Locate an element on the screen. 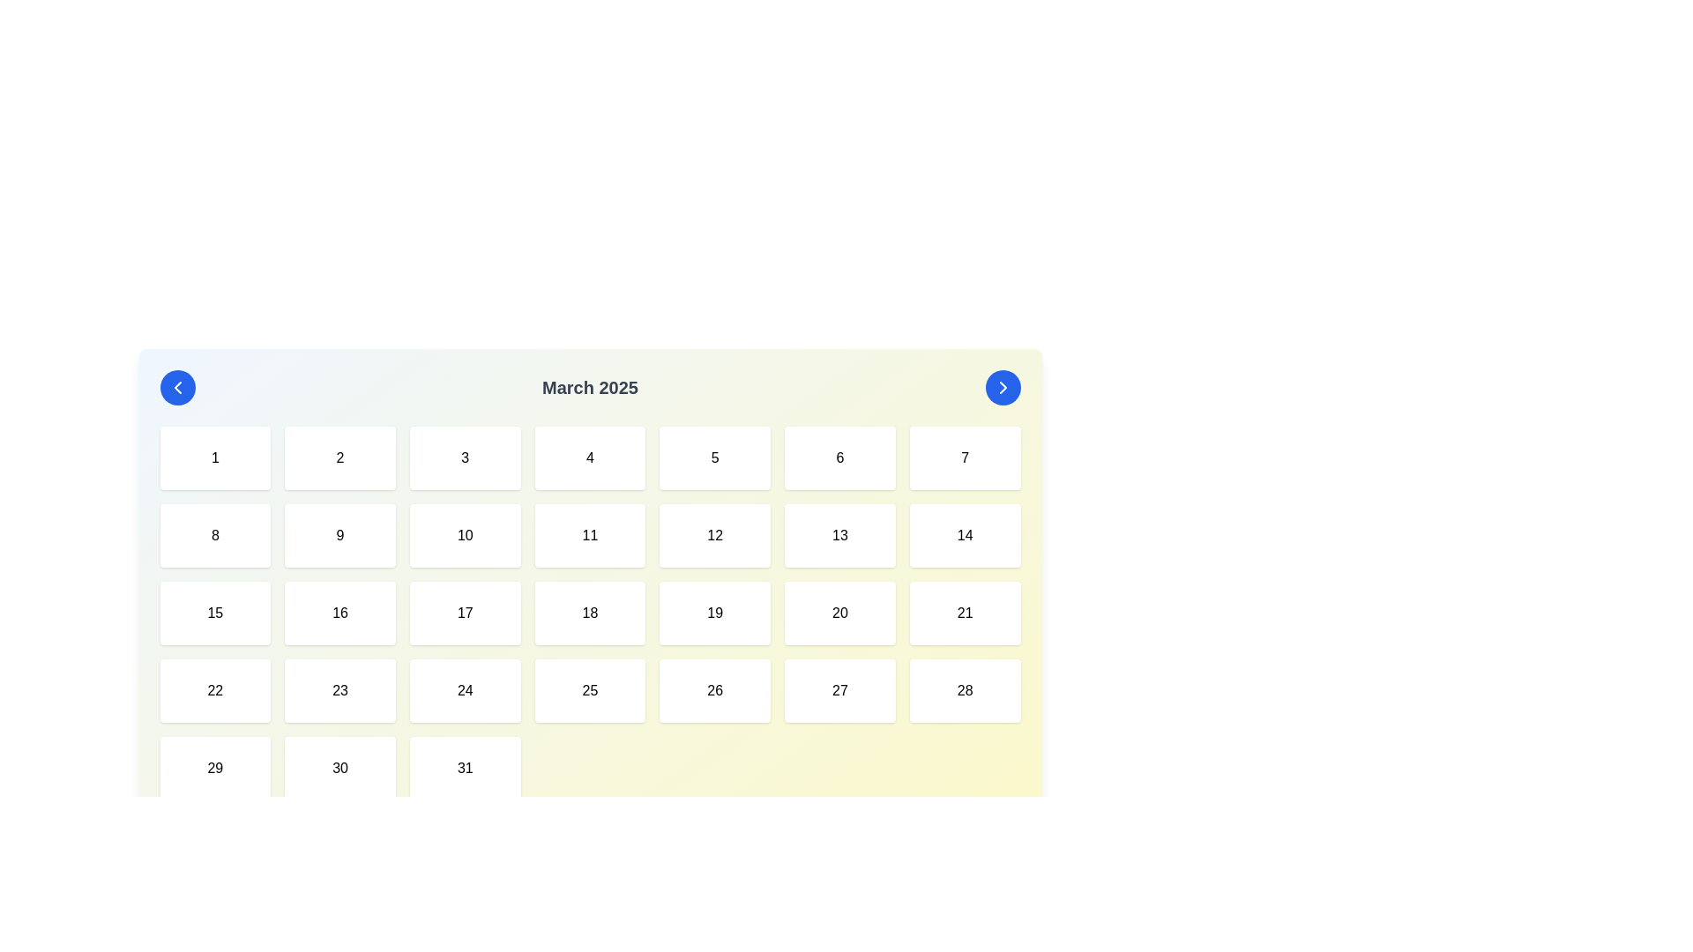 Image resolution: width=1693 pixels, height=952 pixels. the calendar day box representing the 20th of March 2025, located in the third row and sixth column of the grid structure is located at coordinates (839, 612).